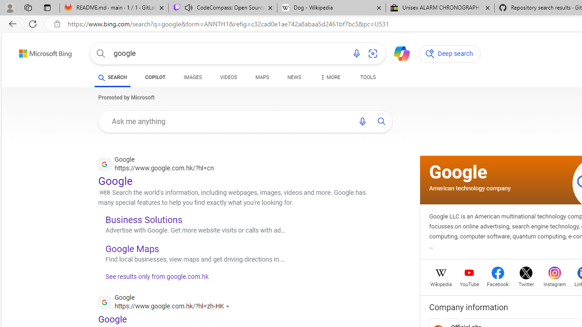  Describe the element at coordinates (367, 77) in the screenshot. I see `'TOOLS'` at that location.